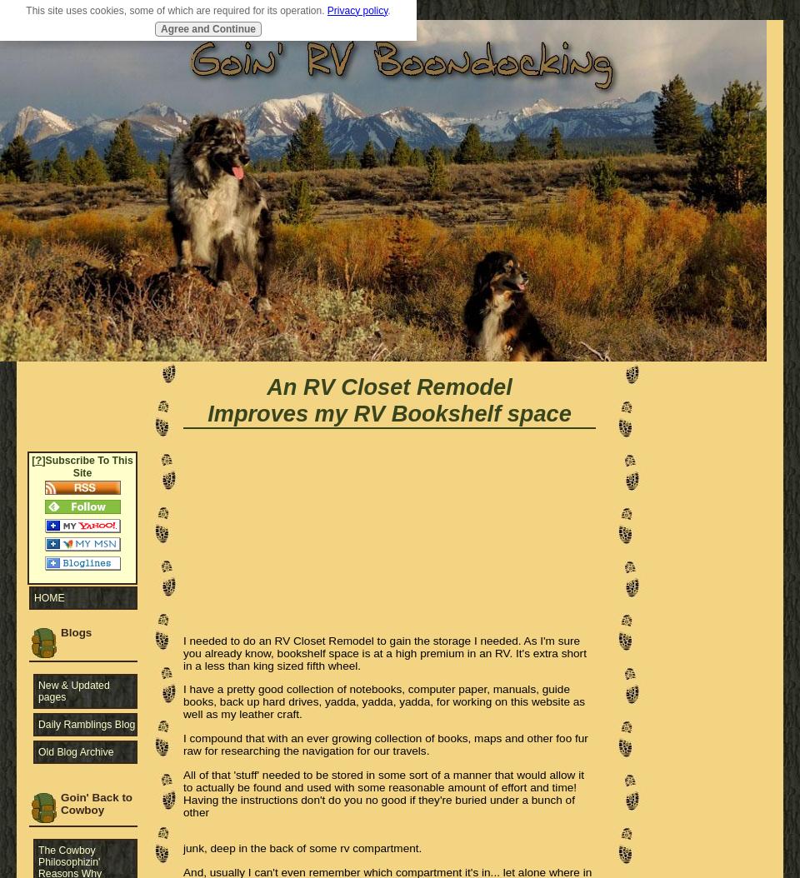 This screenshot has width=800, height=878. I want to click on 'Old Blog Archive', so click(76, 751).